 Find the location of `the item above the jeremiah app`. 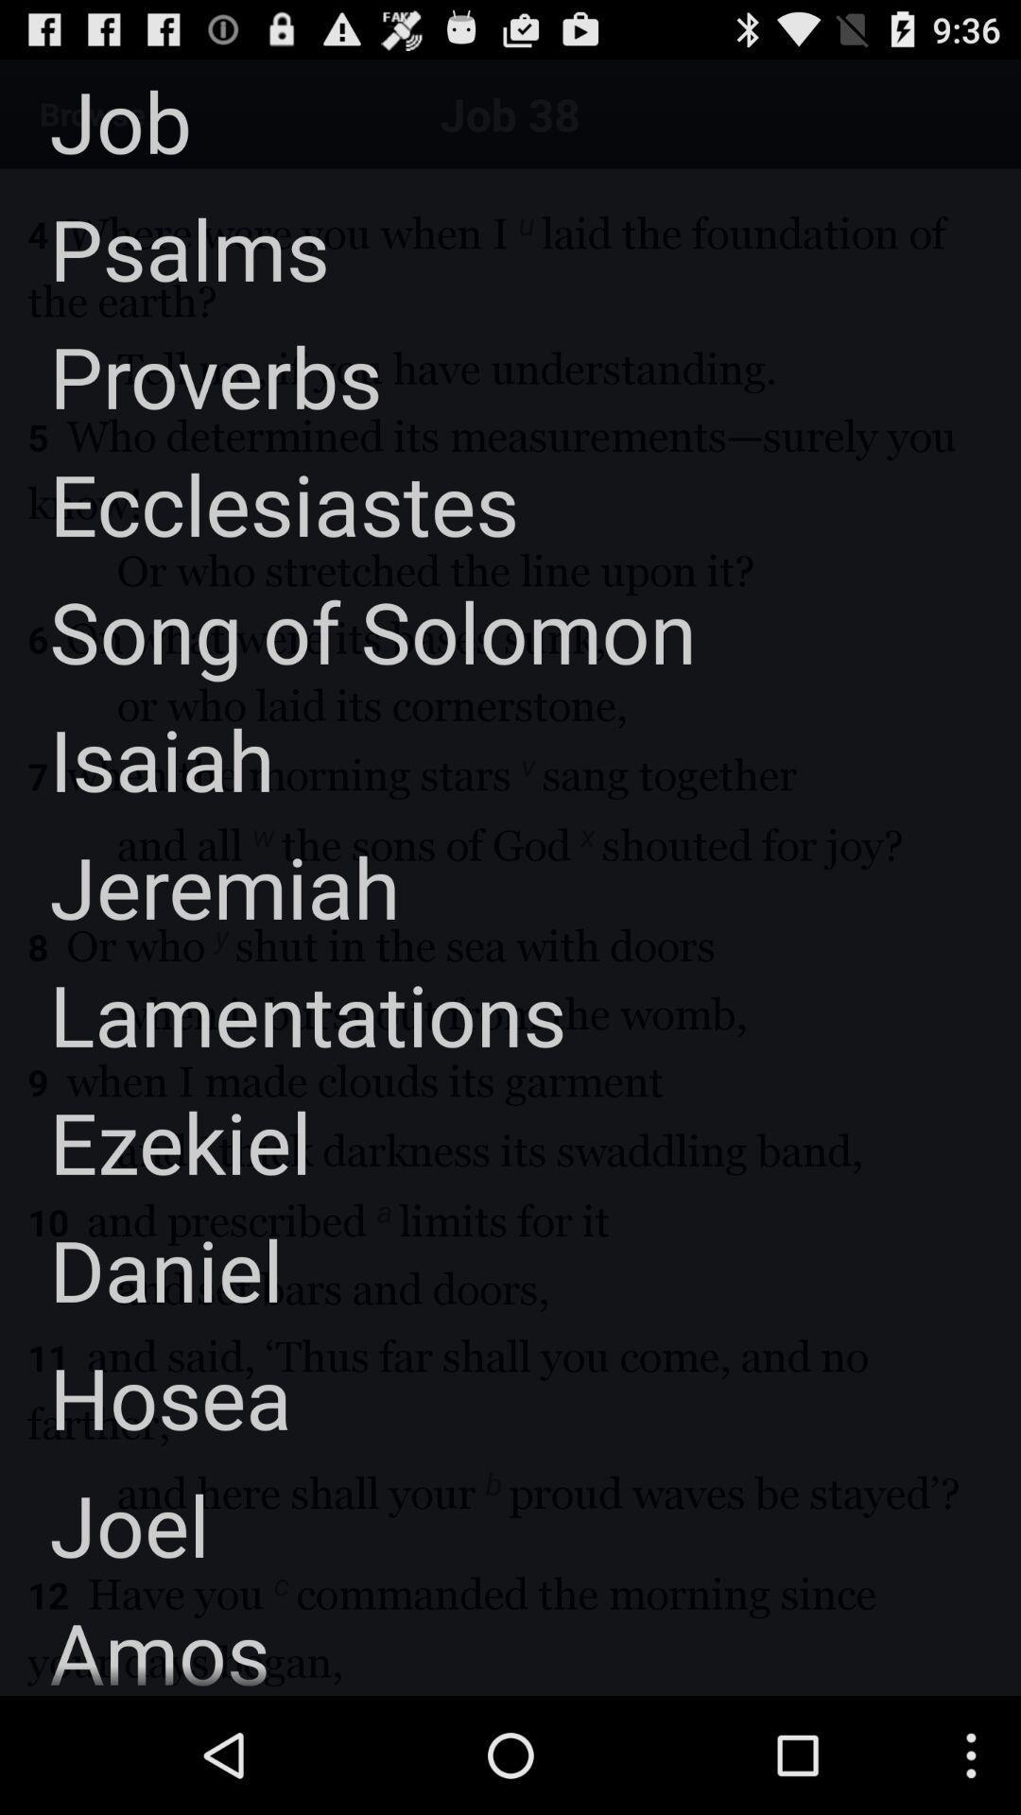

the item above the jeremiah app is located at coordinates (136, 758).